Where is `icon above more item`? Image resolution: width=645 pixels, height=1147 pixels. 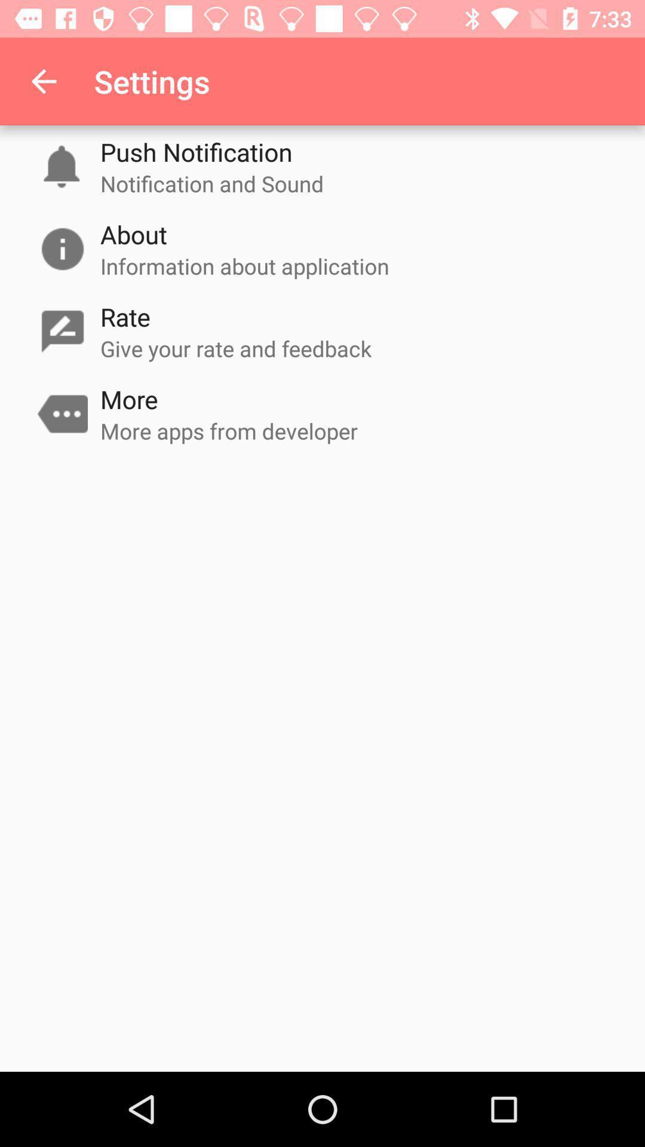 icon above more item is located at coordinates (236, 348).